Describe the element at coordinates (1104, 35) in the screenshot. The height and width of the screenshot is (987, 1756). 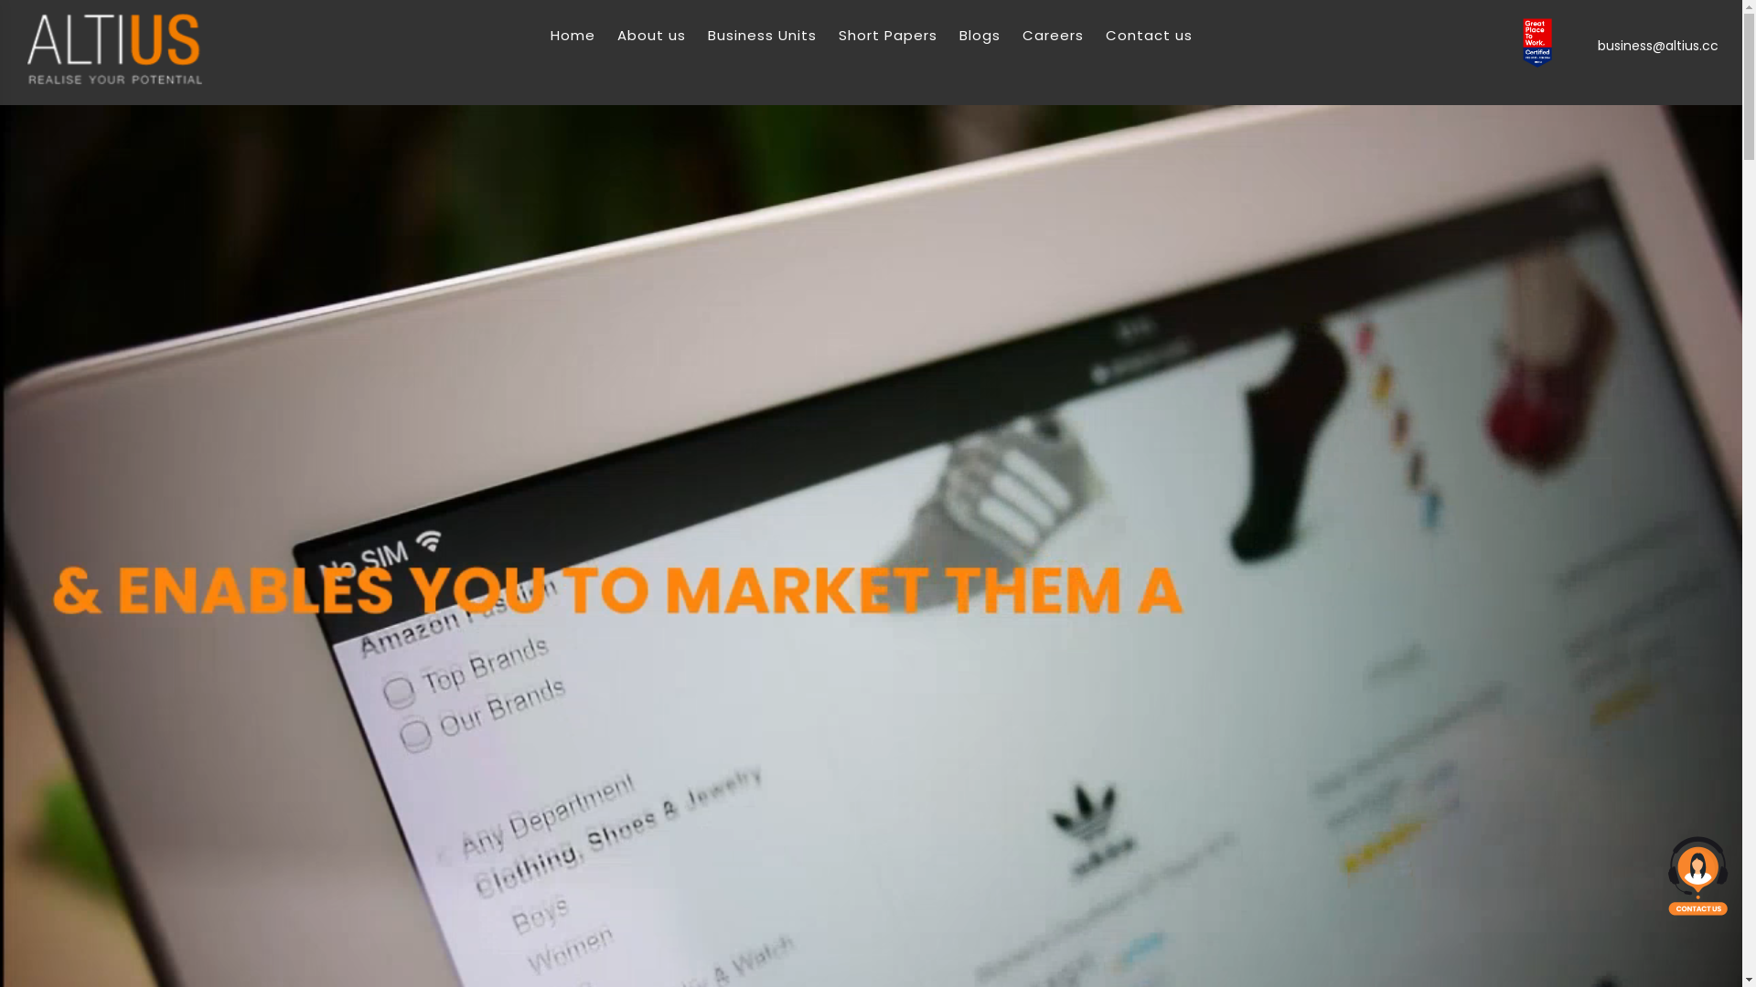
I see `'Contact us'` at that location.